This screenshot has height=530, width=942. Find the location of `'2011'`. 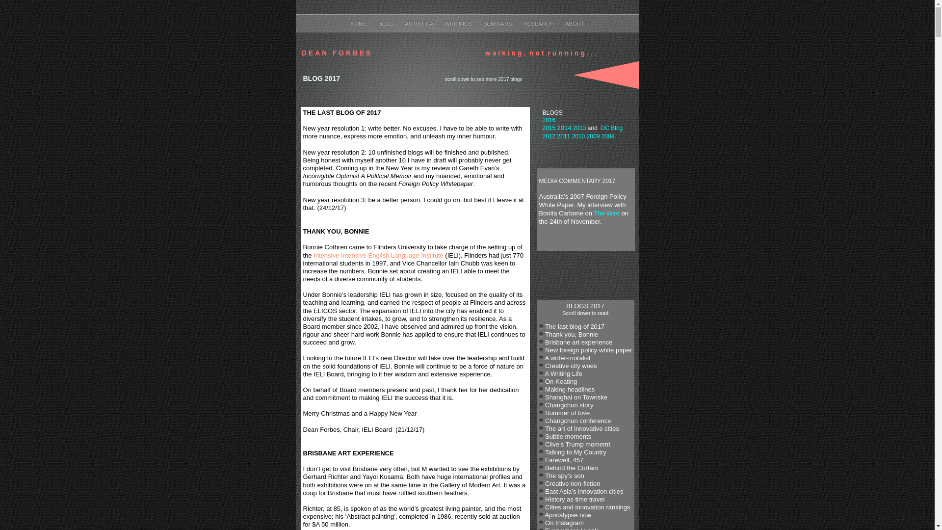

'2011' is located at coordinates (557, 136).